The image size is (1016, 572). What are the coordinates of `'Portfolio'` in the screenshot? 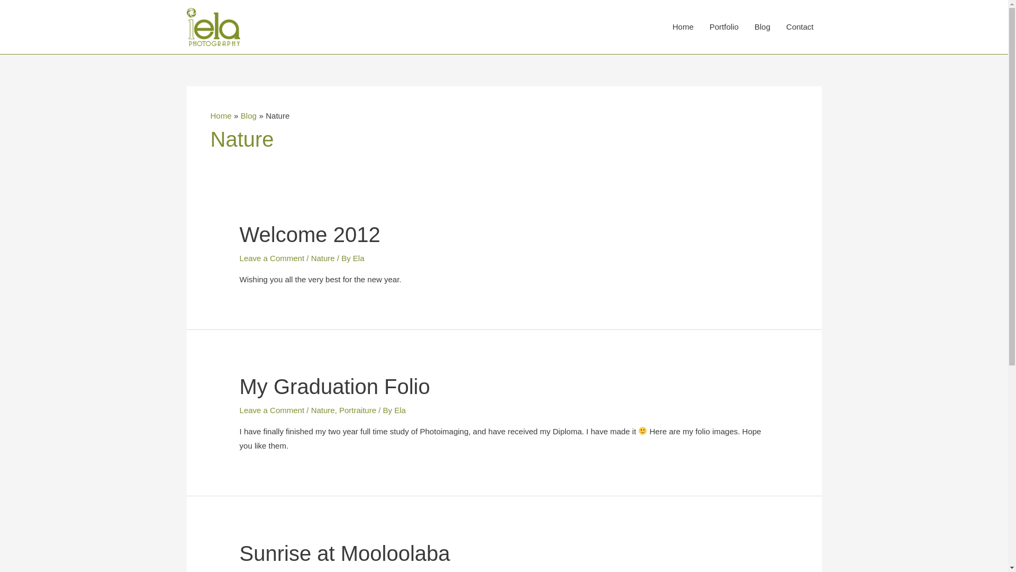 It's located at (723, 26).